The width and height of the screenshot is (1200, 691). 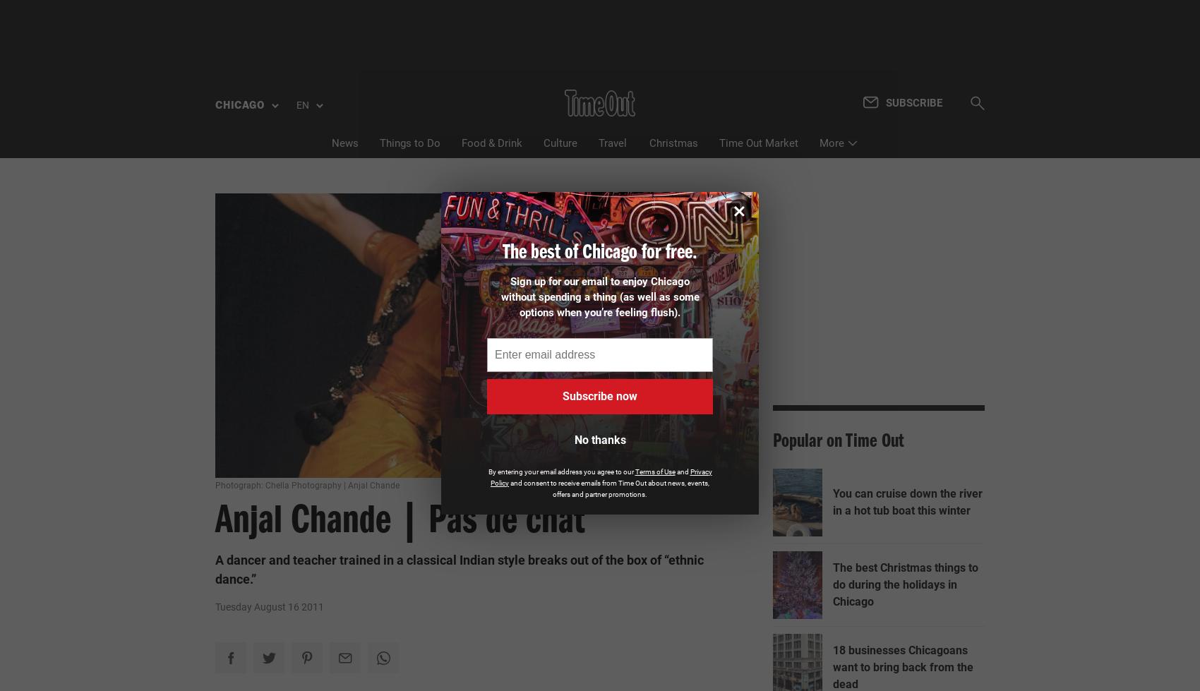 What do you see at coordinates (908, 262) in the screenshot?
I see `'You can cruise down the river in a hot tub boat this winter'` at bounding box center [908, 262].